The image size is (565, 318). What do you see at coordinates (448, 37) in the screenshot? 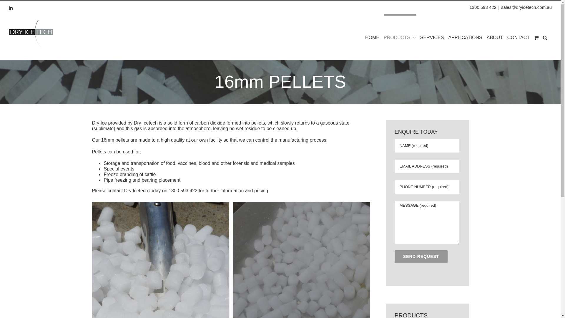
I see `'APPLICATIONS'` at bounding box center [448, 37].